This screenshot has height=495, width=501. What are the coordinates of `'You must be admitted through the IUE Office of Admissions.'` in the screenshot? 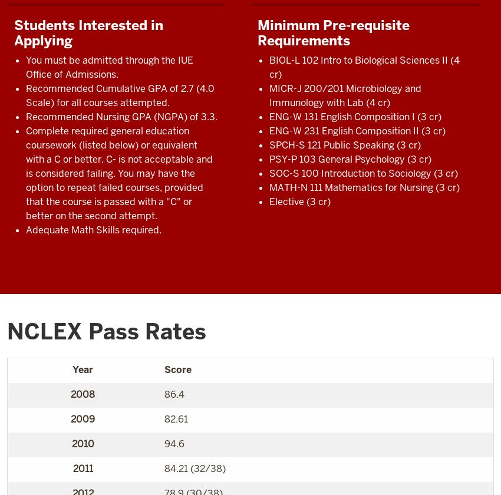 It's located at (108, 67).